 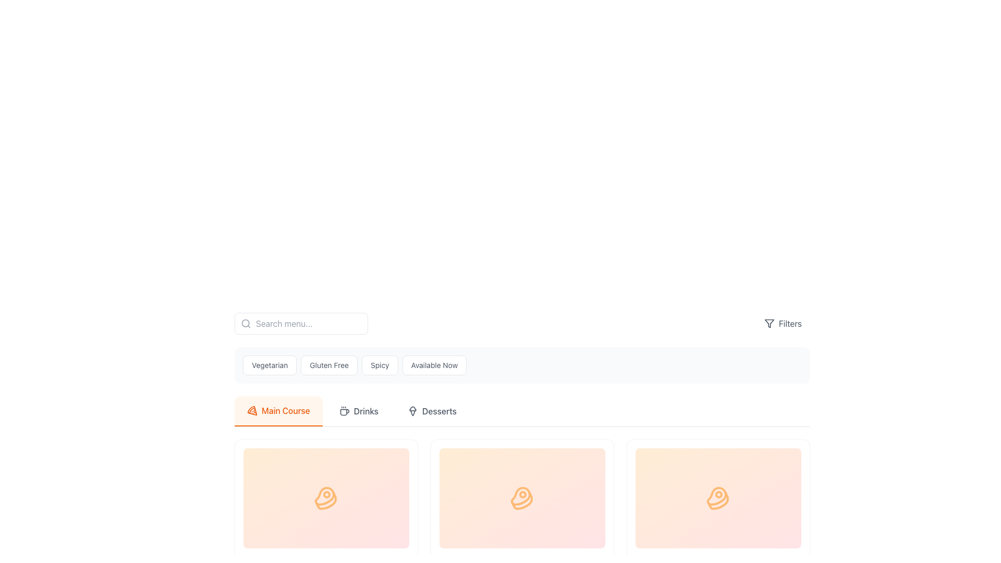 I want to click on the text label displaying 'Desserts' located in the top-right corner of the navigation bar, which is styled in medium-weight dark gray font, so click(x=440, y=411).